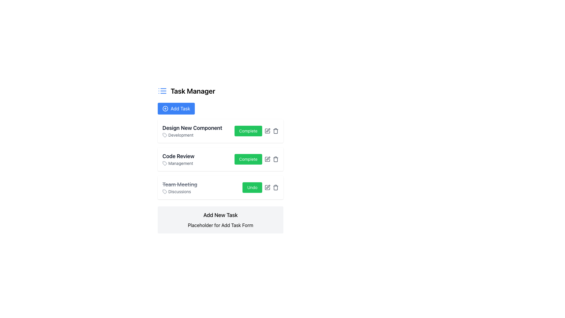 This screenshot has width=565, height=318. What do you see at coordinates (267, 159) in the screenshot?
I see `the pen icon button located to the right of the 'Complete' button within the action buttons of the 'Code Review' task to initiate an edit action` at bounding box center [267, 159].